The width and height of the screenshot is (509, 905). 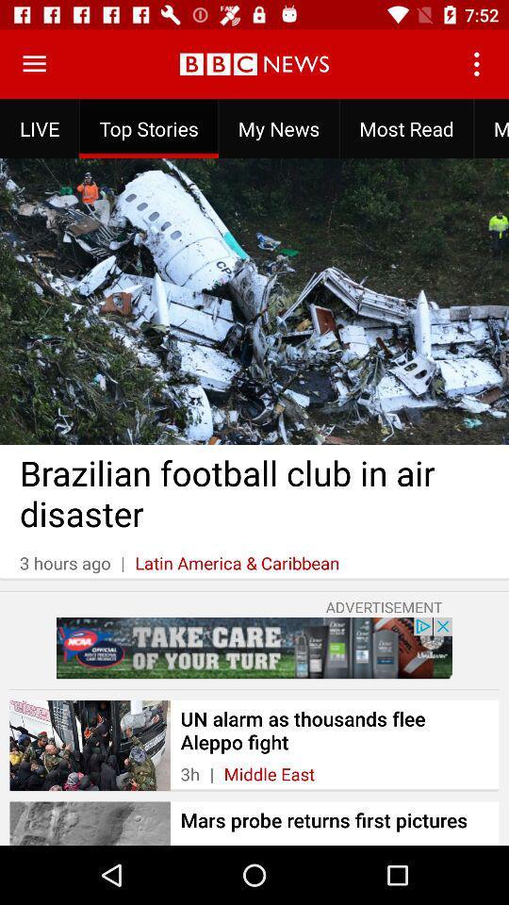 What do you see at coordinates (254, 648) in the screenshot?
I see `advertisement` at bounding box center [254, 648].